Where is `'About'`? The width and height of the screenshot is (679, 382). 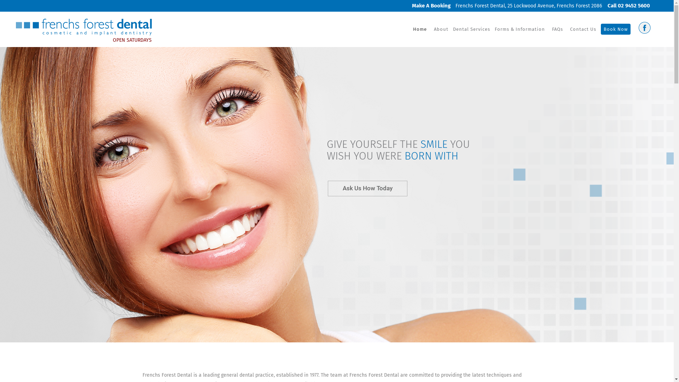 'About' is located at coordinates (441, 29).